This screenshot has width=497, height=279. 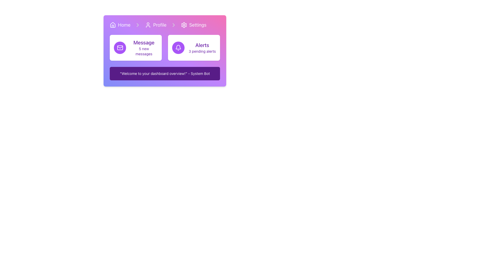 What do you see at coordinates (202, 51) in the screenshot?
I see `the static text label displaying '3 pending alerts', which is located beneath the 'Alerts' title text within the card-like section` at bounding box center [202, 51].